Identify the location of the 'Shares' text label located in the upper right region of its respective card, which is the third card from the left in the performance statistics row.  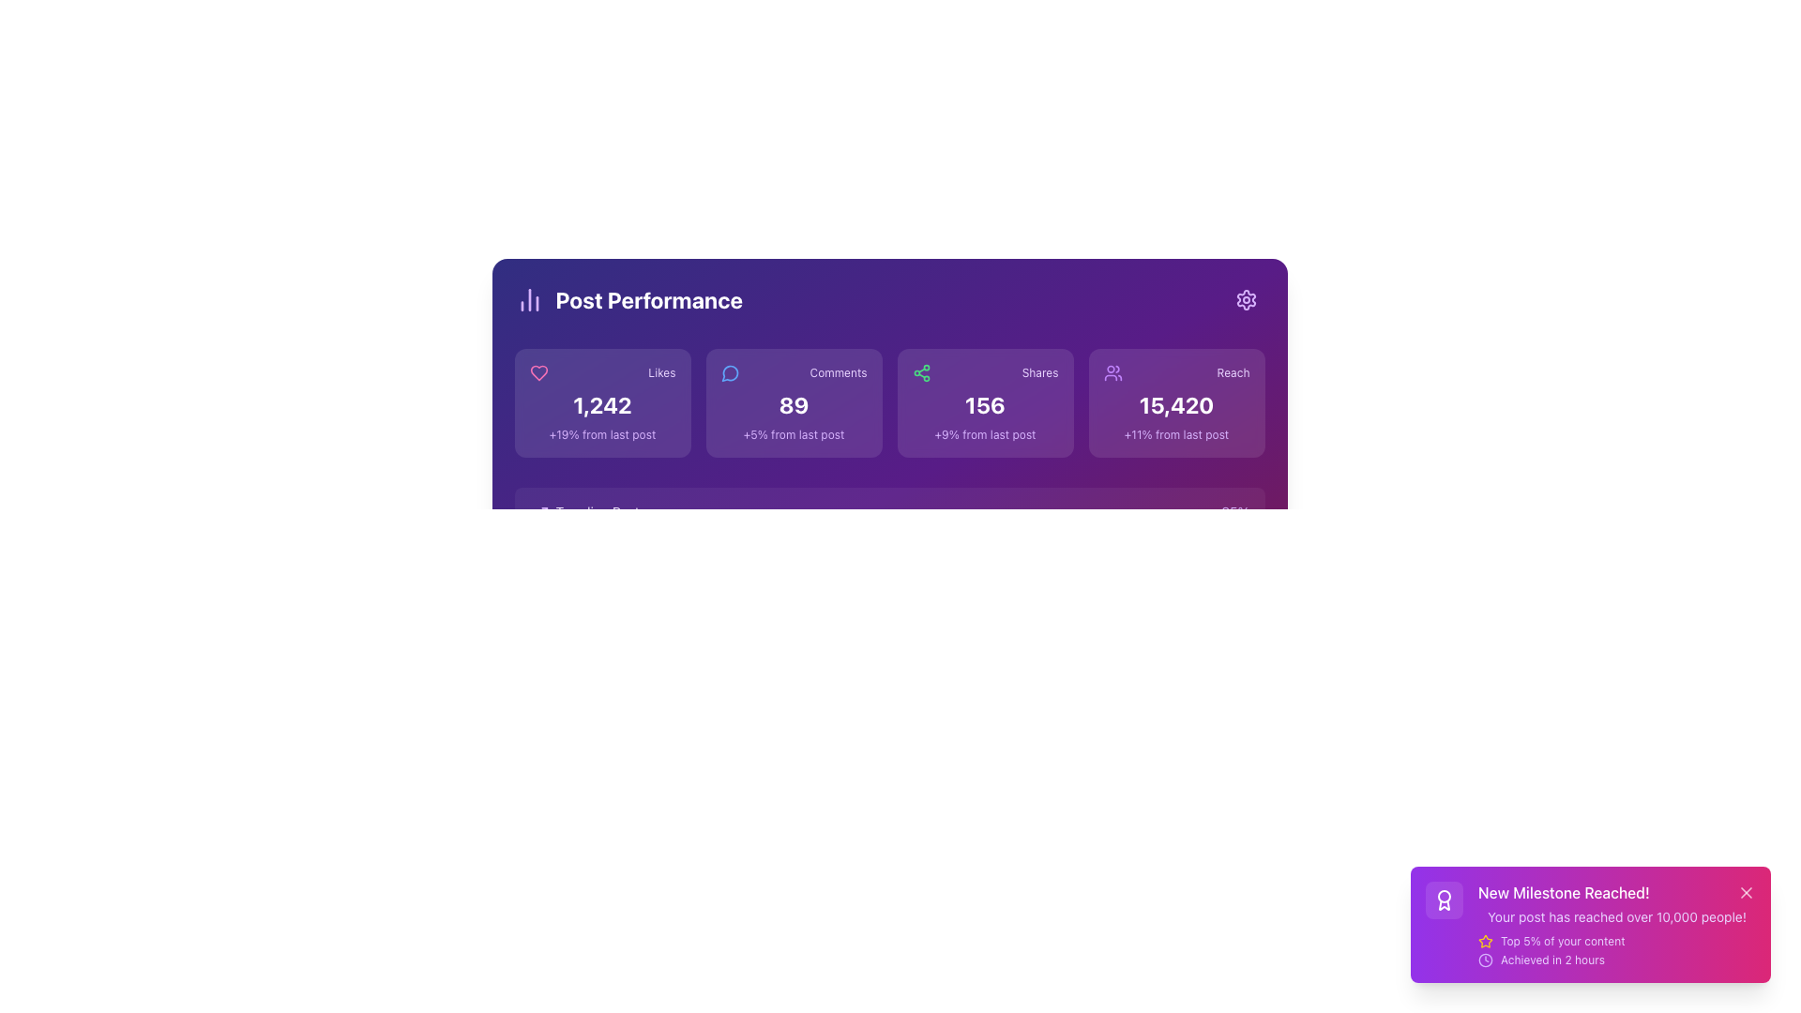
(1038, 372).